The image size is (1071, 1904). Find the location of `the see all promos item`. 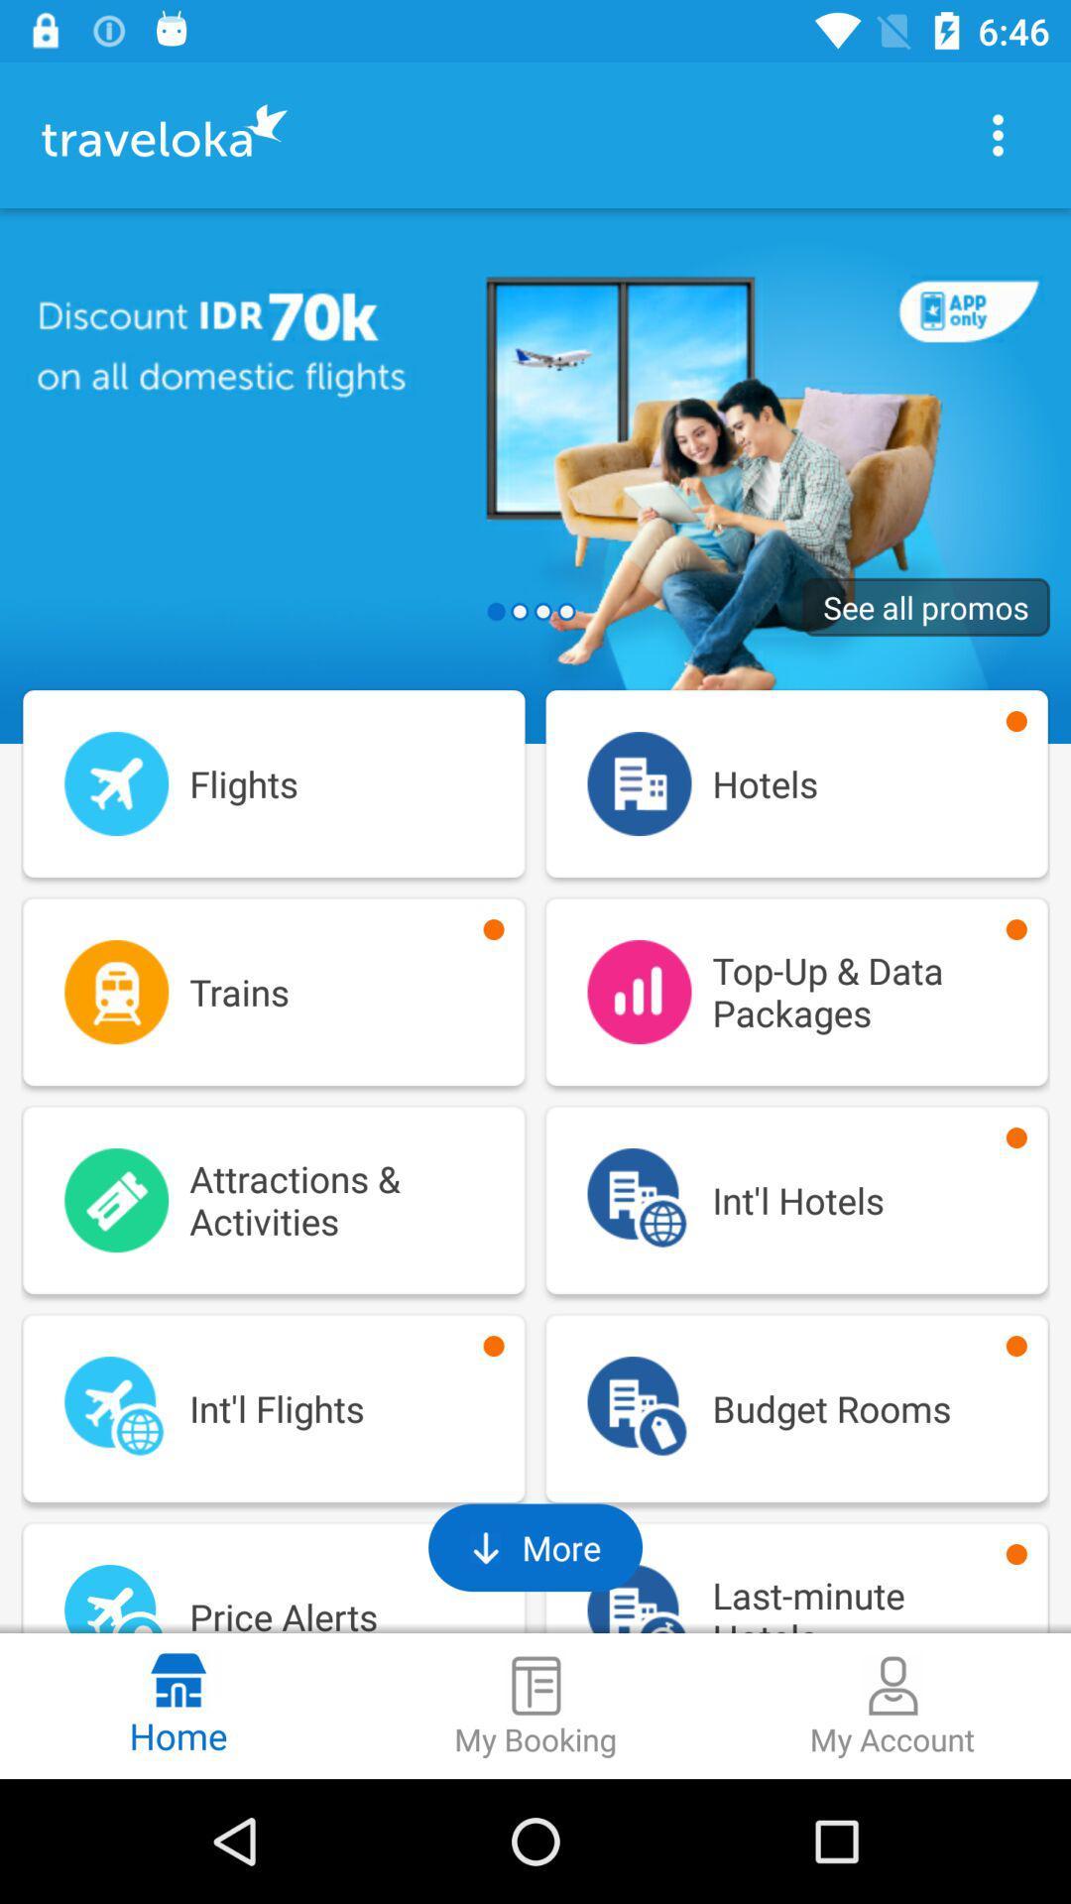

the see all promos item is located at coordinates (926, 606).